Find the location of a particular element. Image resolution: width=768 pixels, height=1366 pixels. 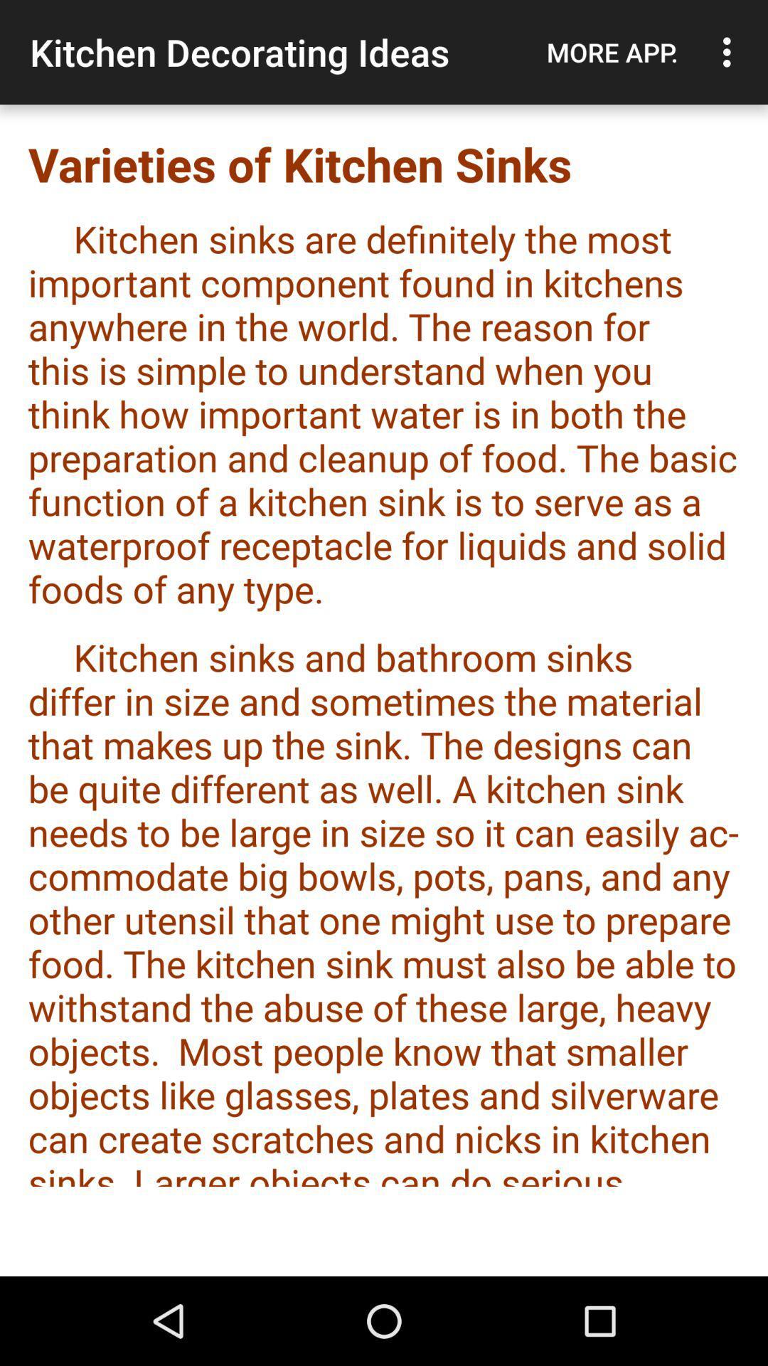

the more app. item is located at coordinates (612, 52).